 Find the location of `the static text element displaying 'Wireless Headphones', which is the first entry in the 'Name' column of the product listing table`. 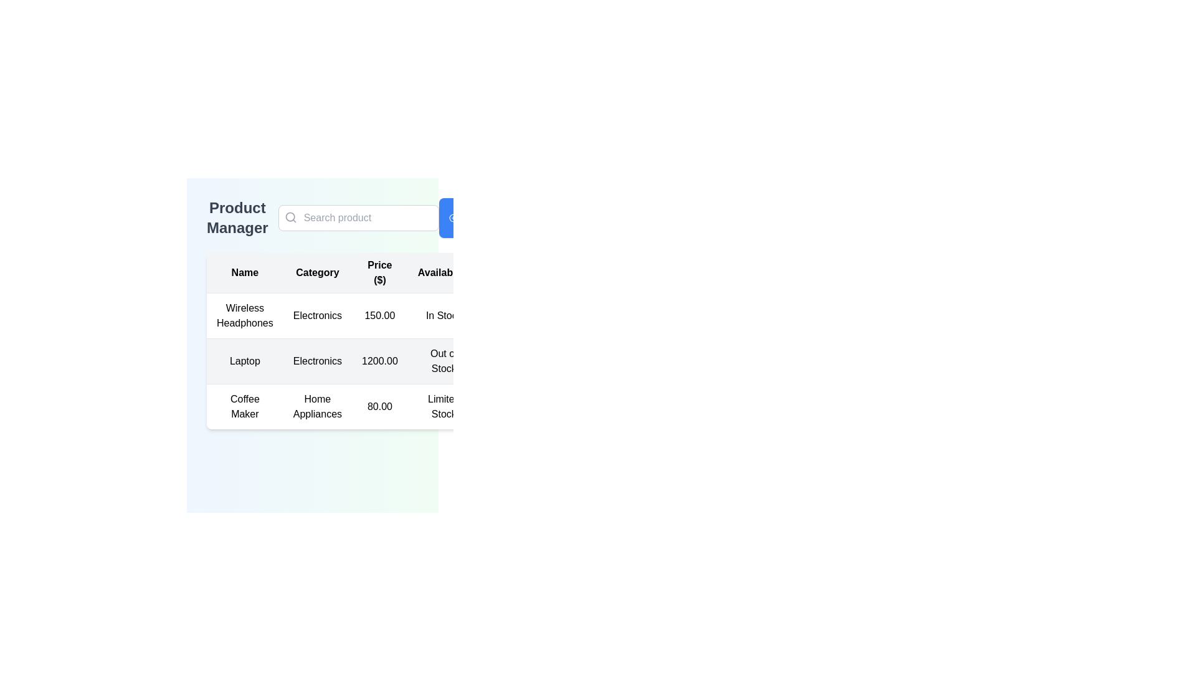

the static text element displaying 'Wireless Headphones', which is the first entry in the 'Name' column of the product listing table is located at coordinates (245, 315).